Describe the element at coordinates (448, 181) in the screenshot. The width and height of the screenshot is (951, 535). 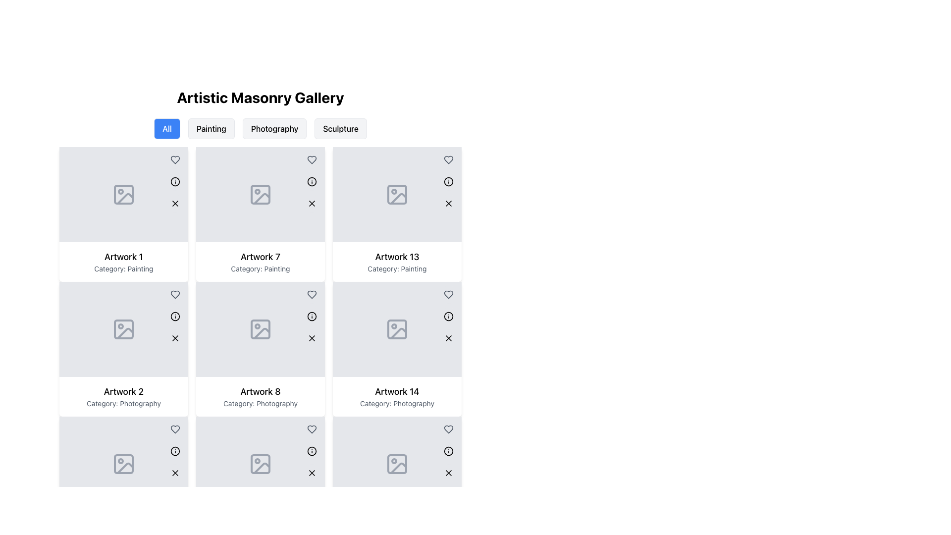
I see `the information icon button located as the second button from the top-right within the item labeled 'Artwork 13' in the third column of the grid layout` at that location.